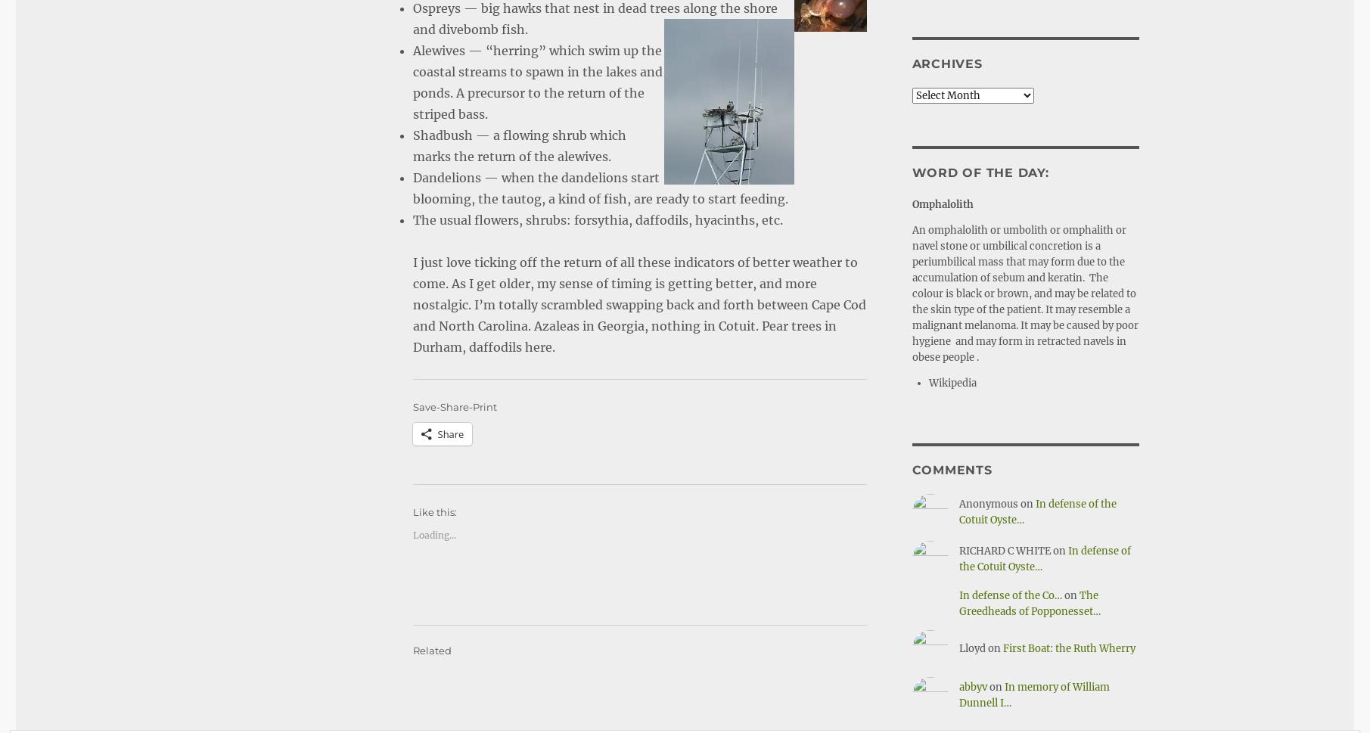  What do you see at coordinates (430, 609) in the screenshot?
I see `'Related'` at bounding box center [430, 609].